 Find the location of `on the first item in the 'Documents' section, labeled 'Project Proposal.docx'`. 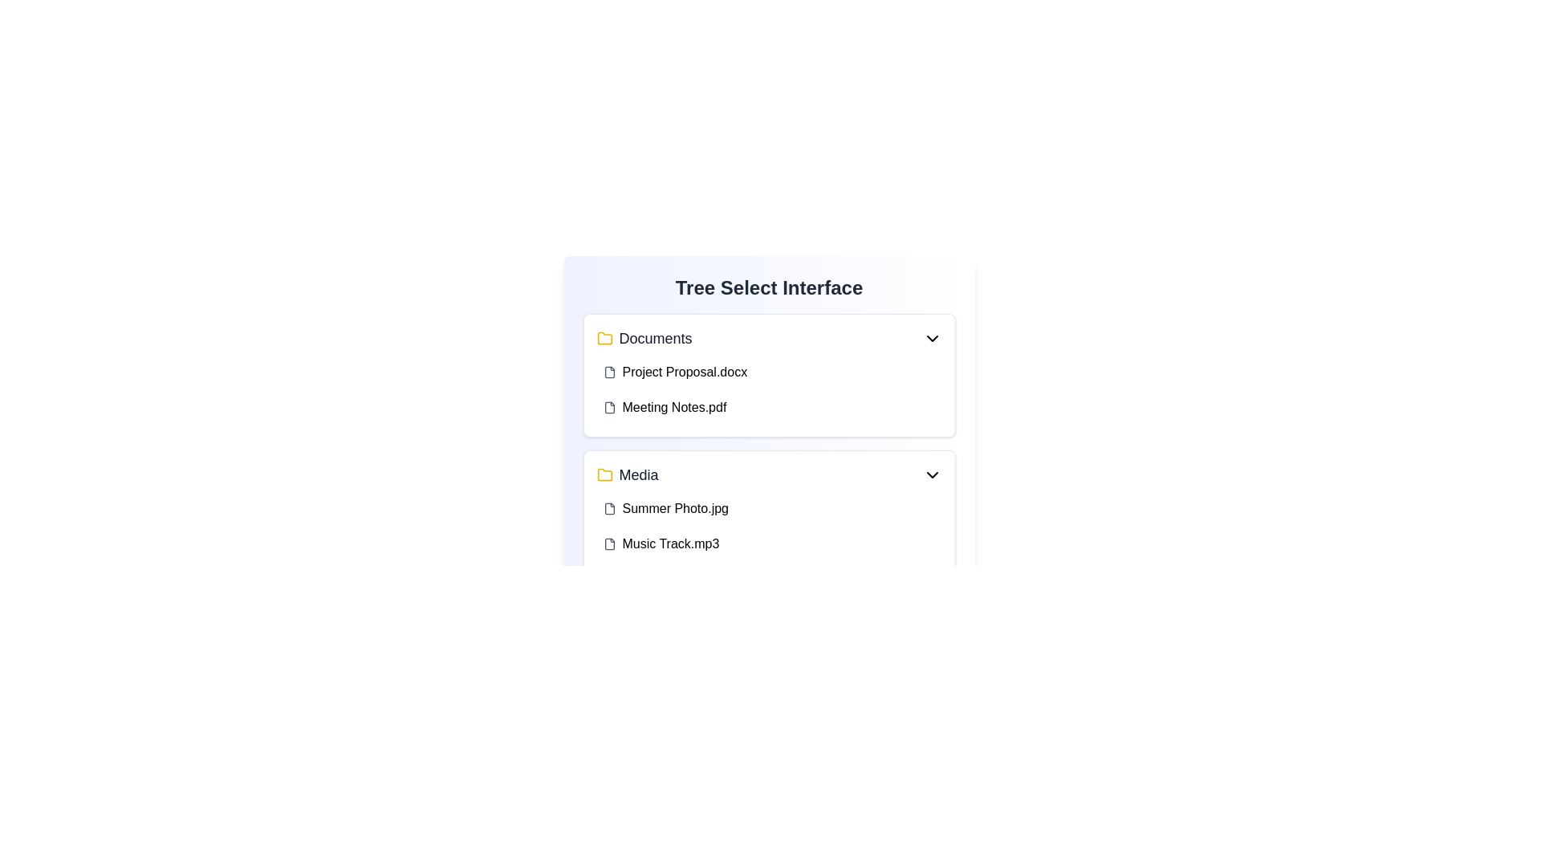

on the first item in the 'Documents' section, labeled 'Project Proposal.docx' is located at coordinates (768, 372).